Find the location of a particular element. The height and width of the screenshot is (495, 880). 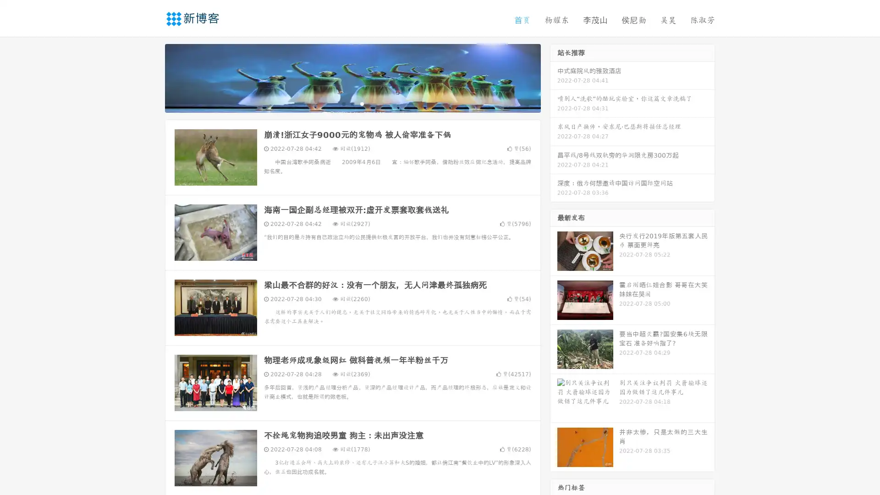

Go to slide 3 is located at coordinates (362, 103).